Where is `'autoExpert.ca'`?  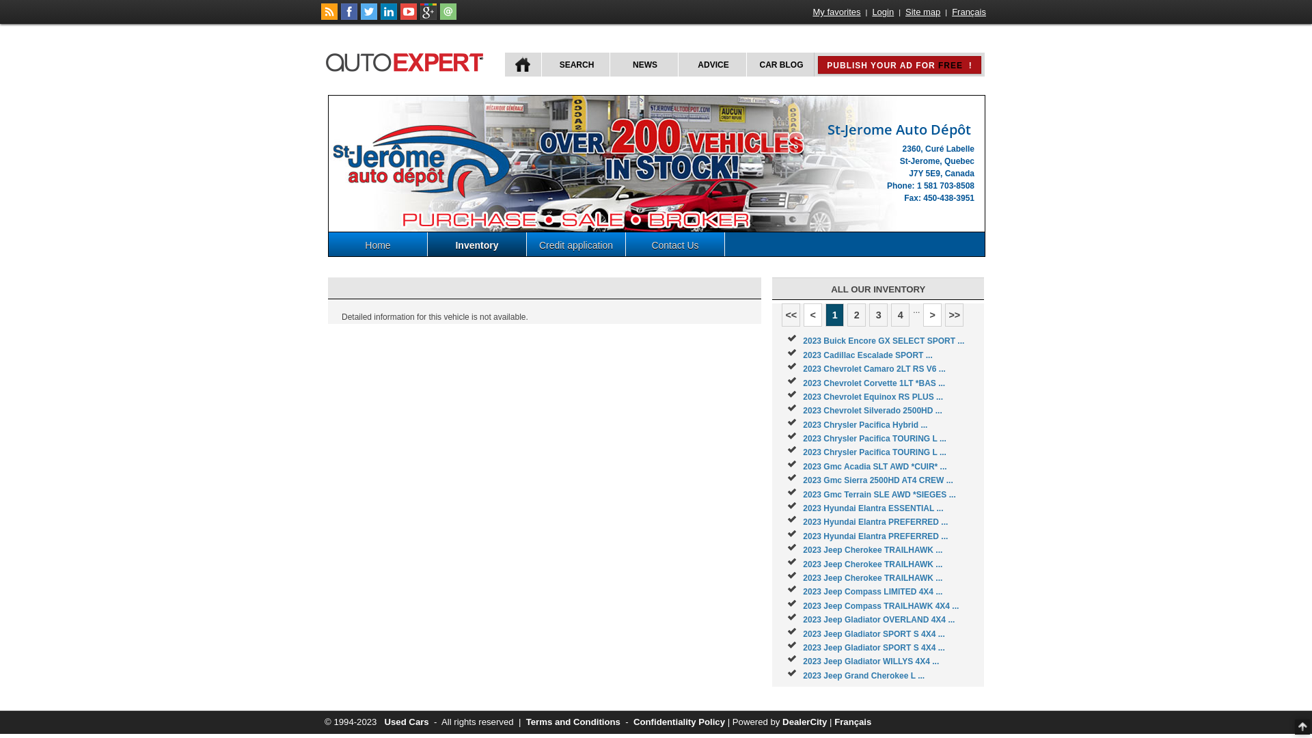 'autoExpert.ca' is located at coordinates (406, 59).